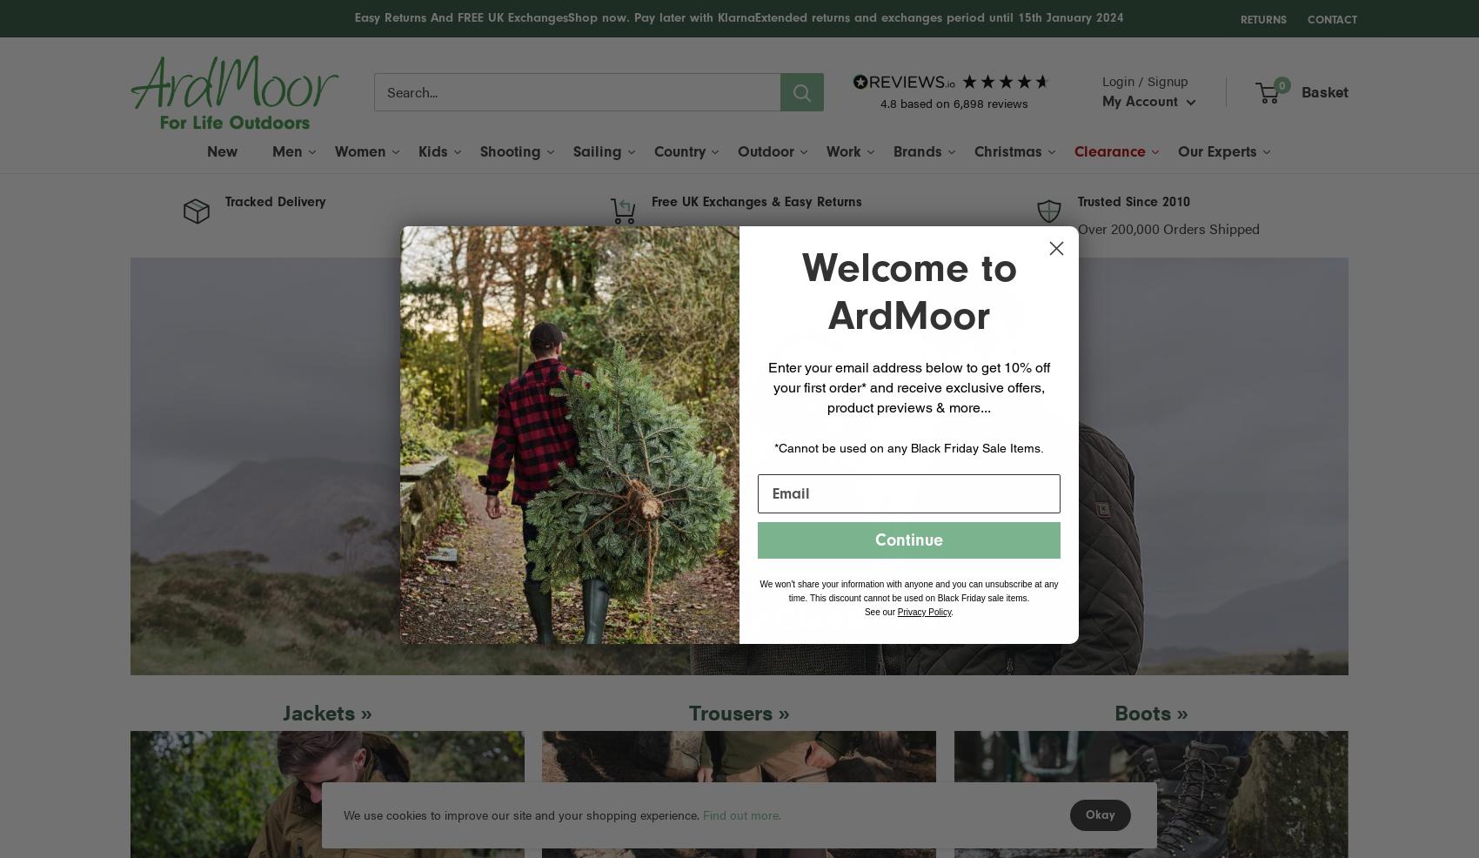 This screenshot has width=1479, height=858. What do you see at coordinates (354, 17) in the screenshot?
I see `'Easy Returns And FREE UK Exchanges'` at bounding box center [354, 17].